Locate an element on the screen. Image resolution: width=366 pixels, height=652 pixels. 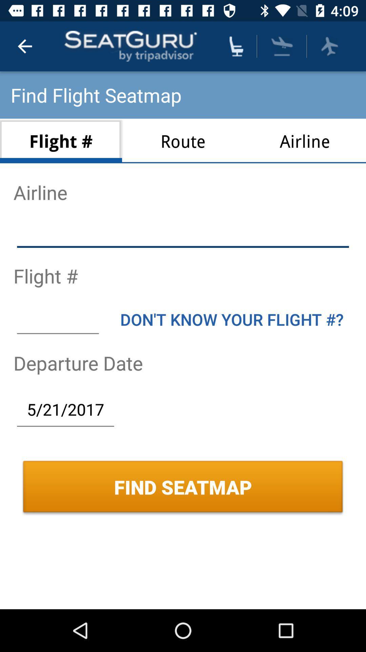
flight options is located at coordinates (329, 46).